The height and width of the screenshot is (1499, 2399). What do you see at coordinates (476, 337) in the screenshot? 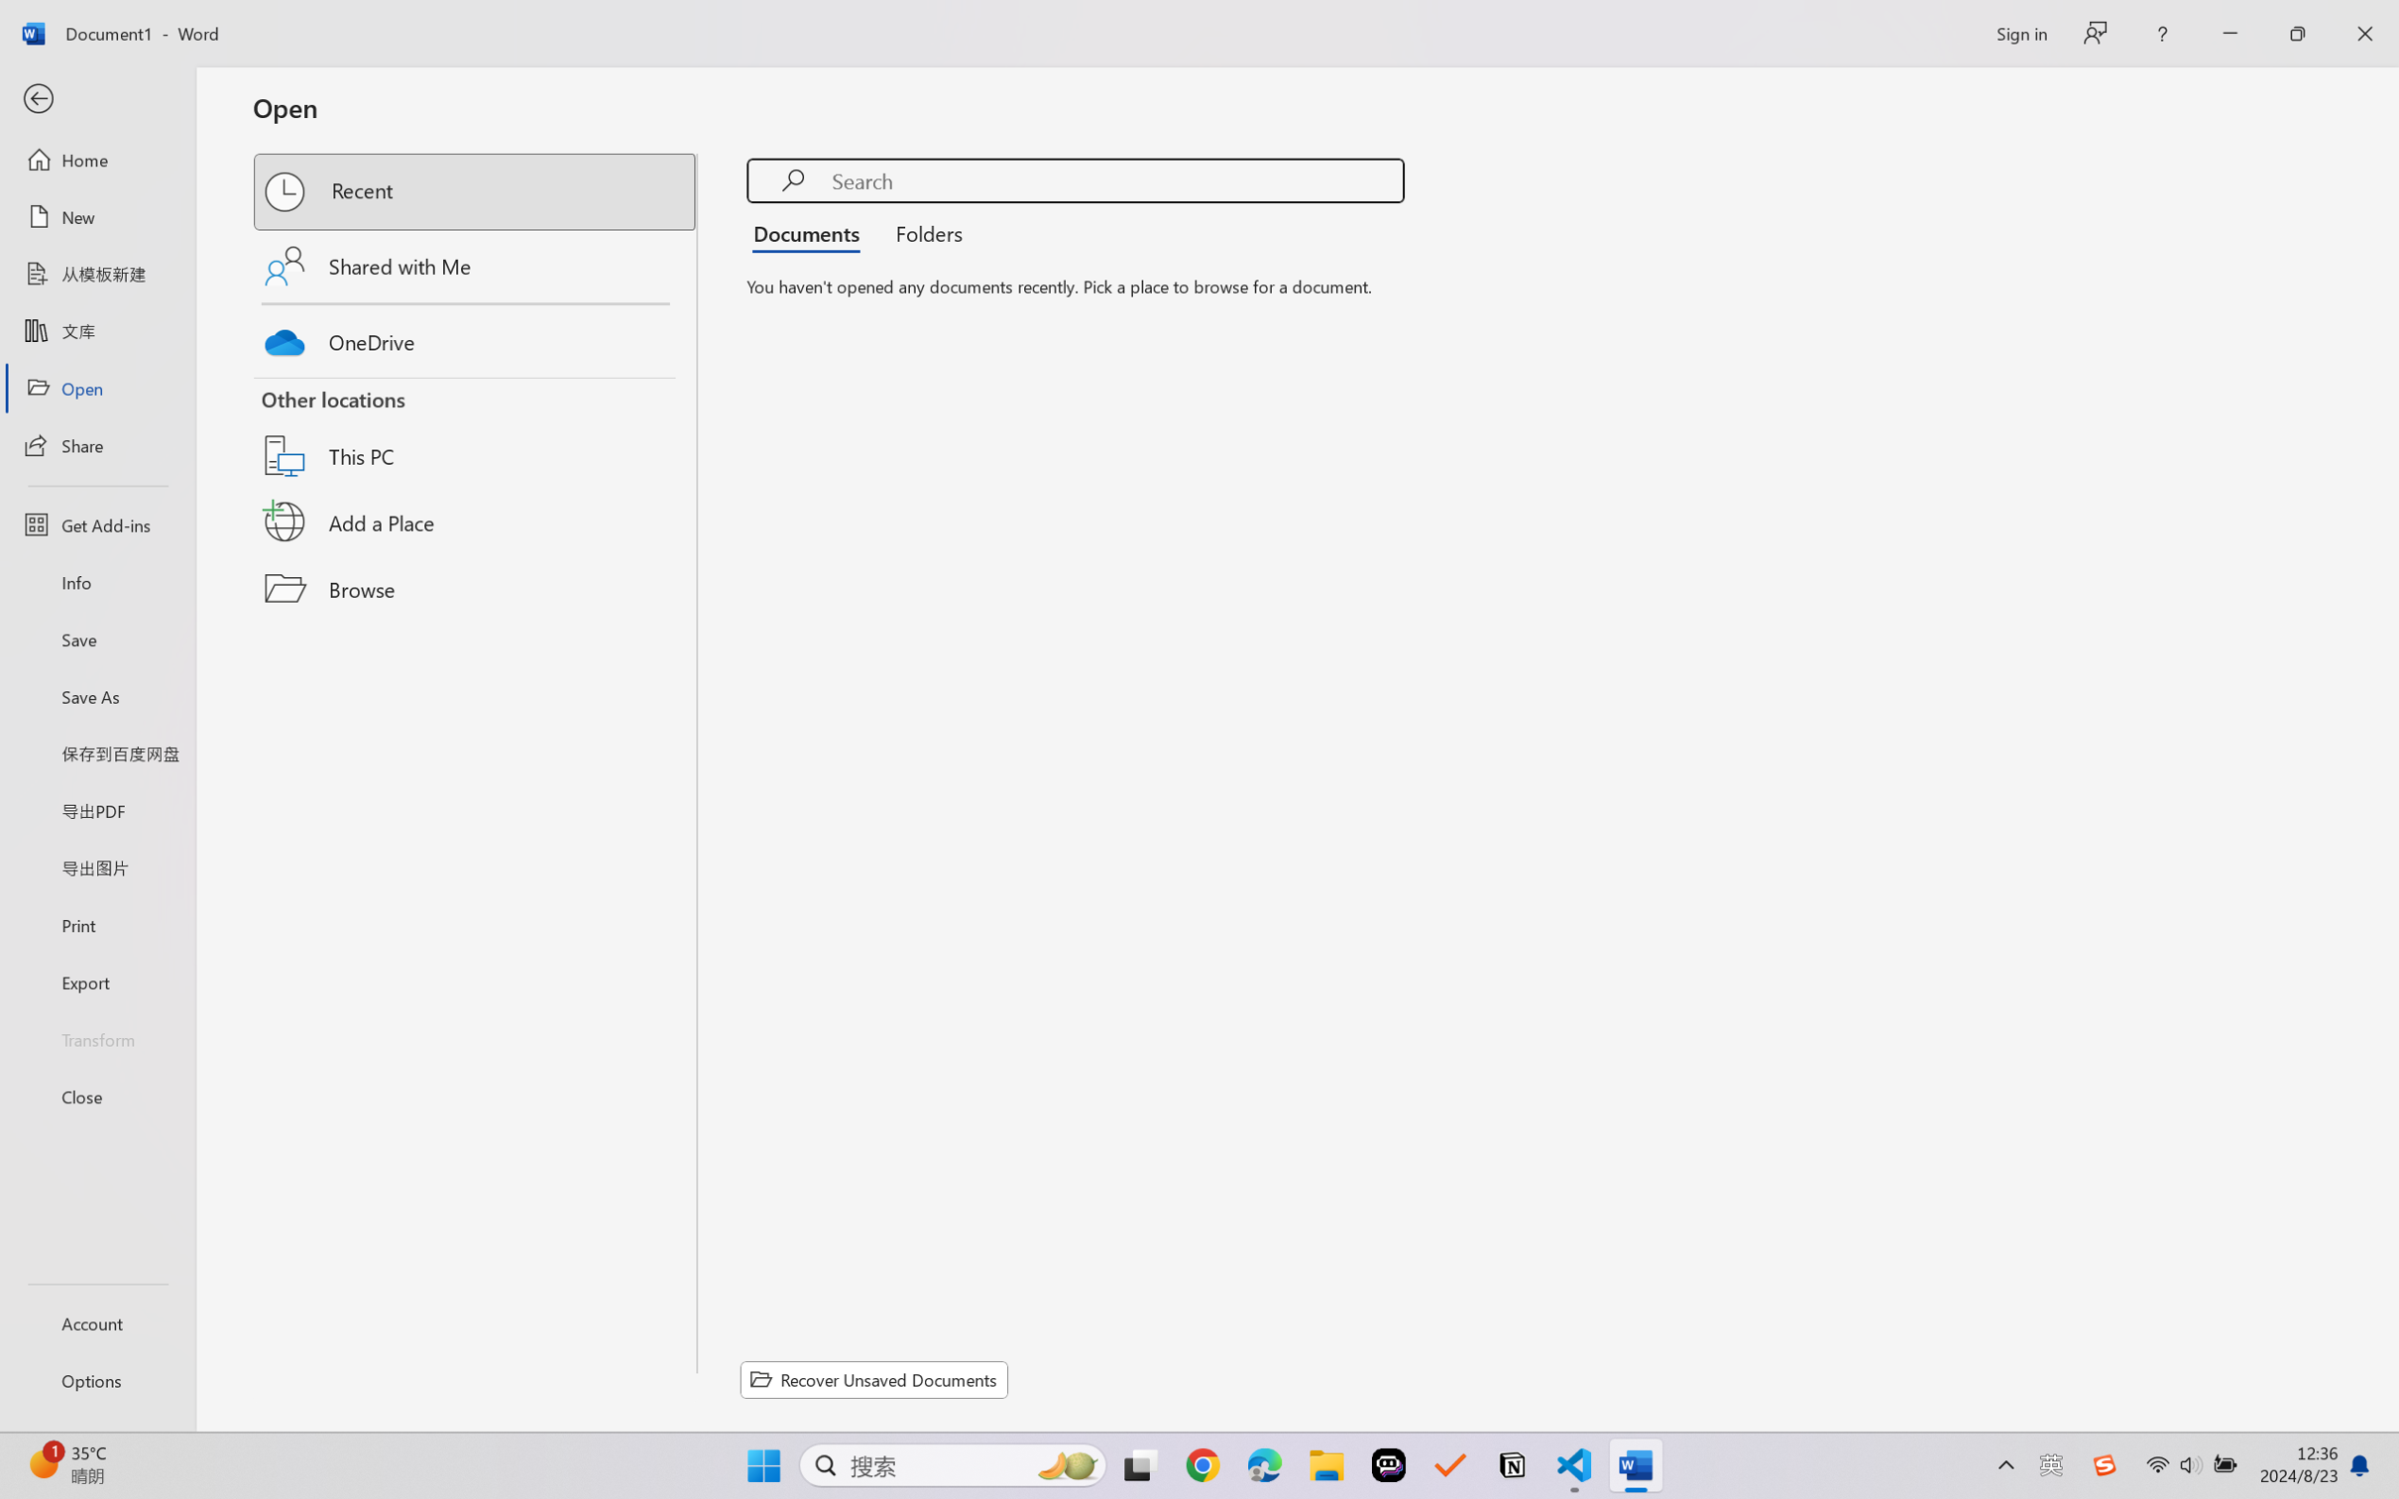
I see `'OneDrive'` at bounding box center [476, 337].